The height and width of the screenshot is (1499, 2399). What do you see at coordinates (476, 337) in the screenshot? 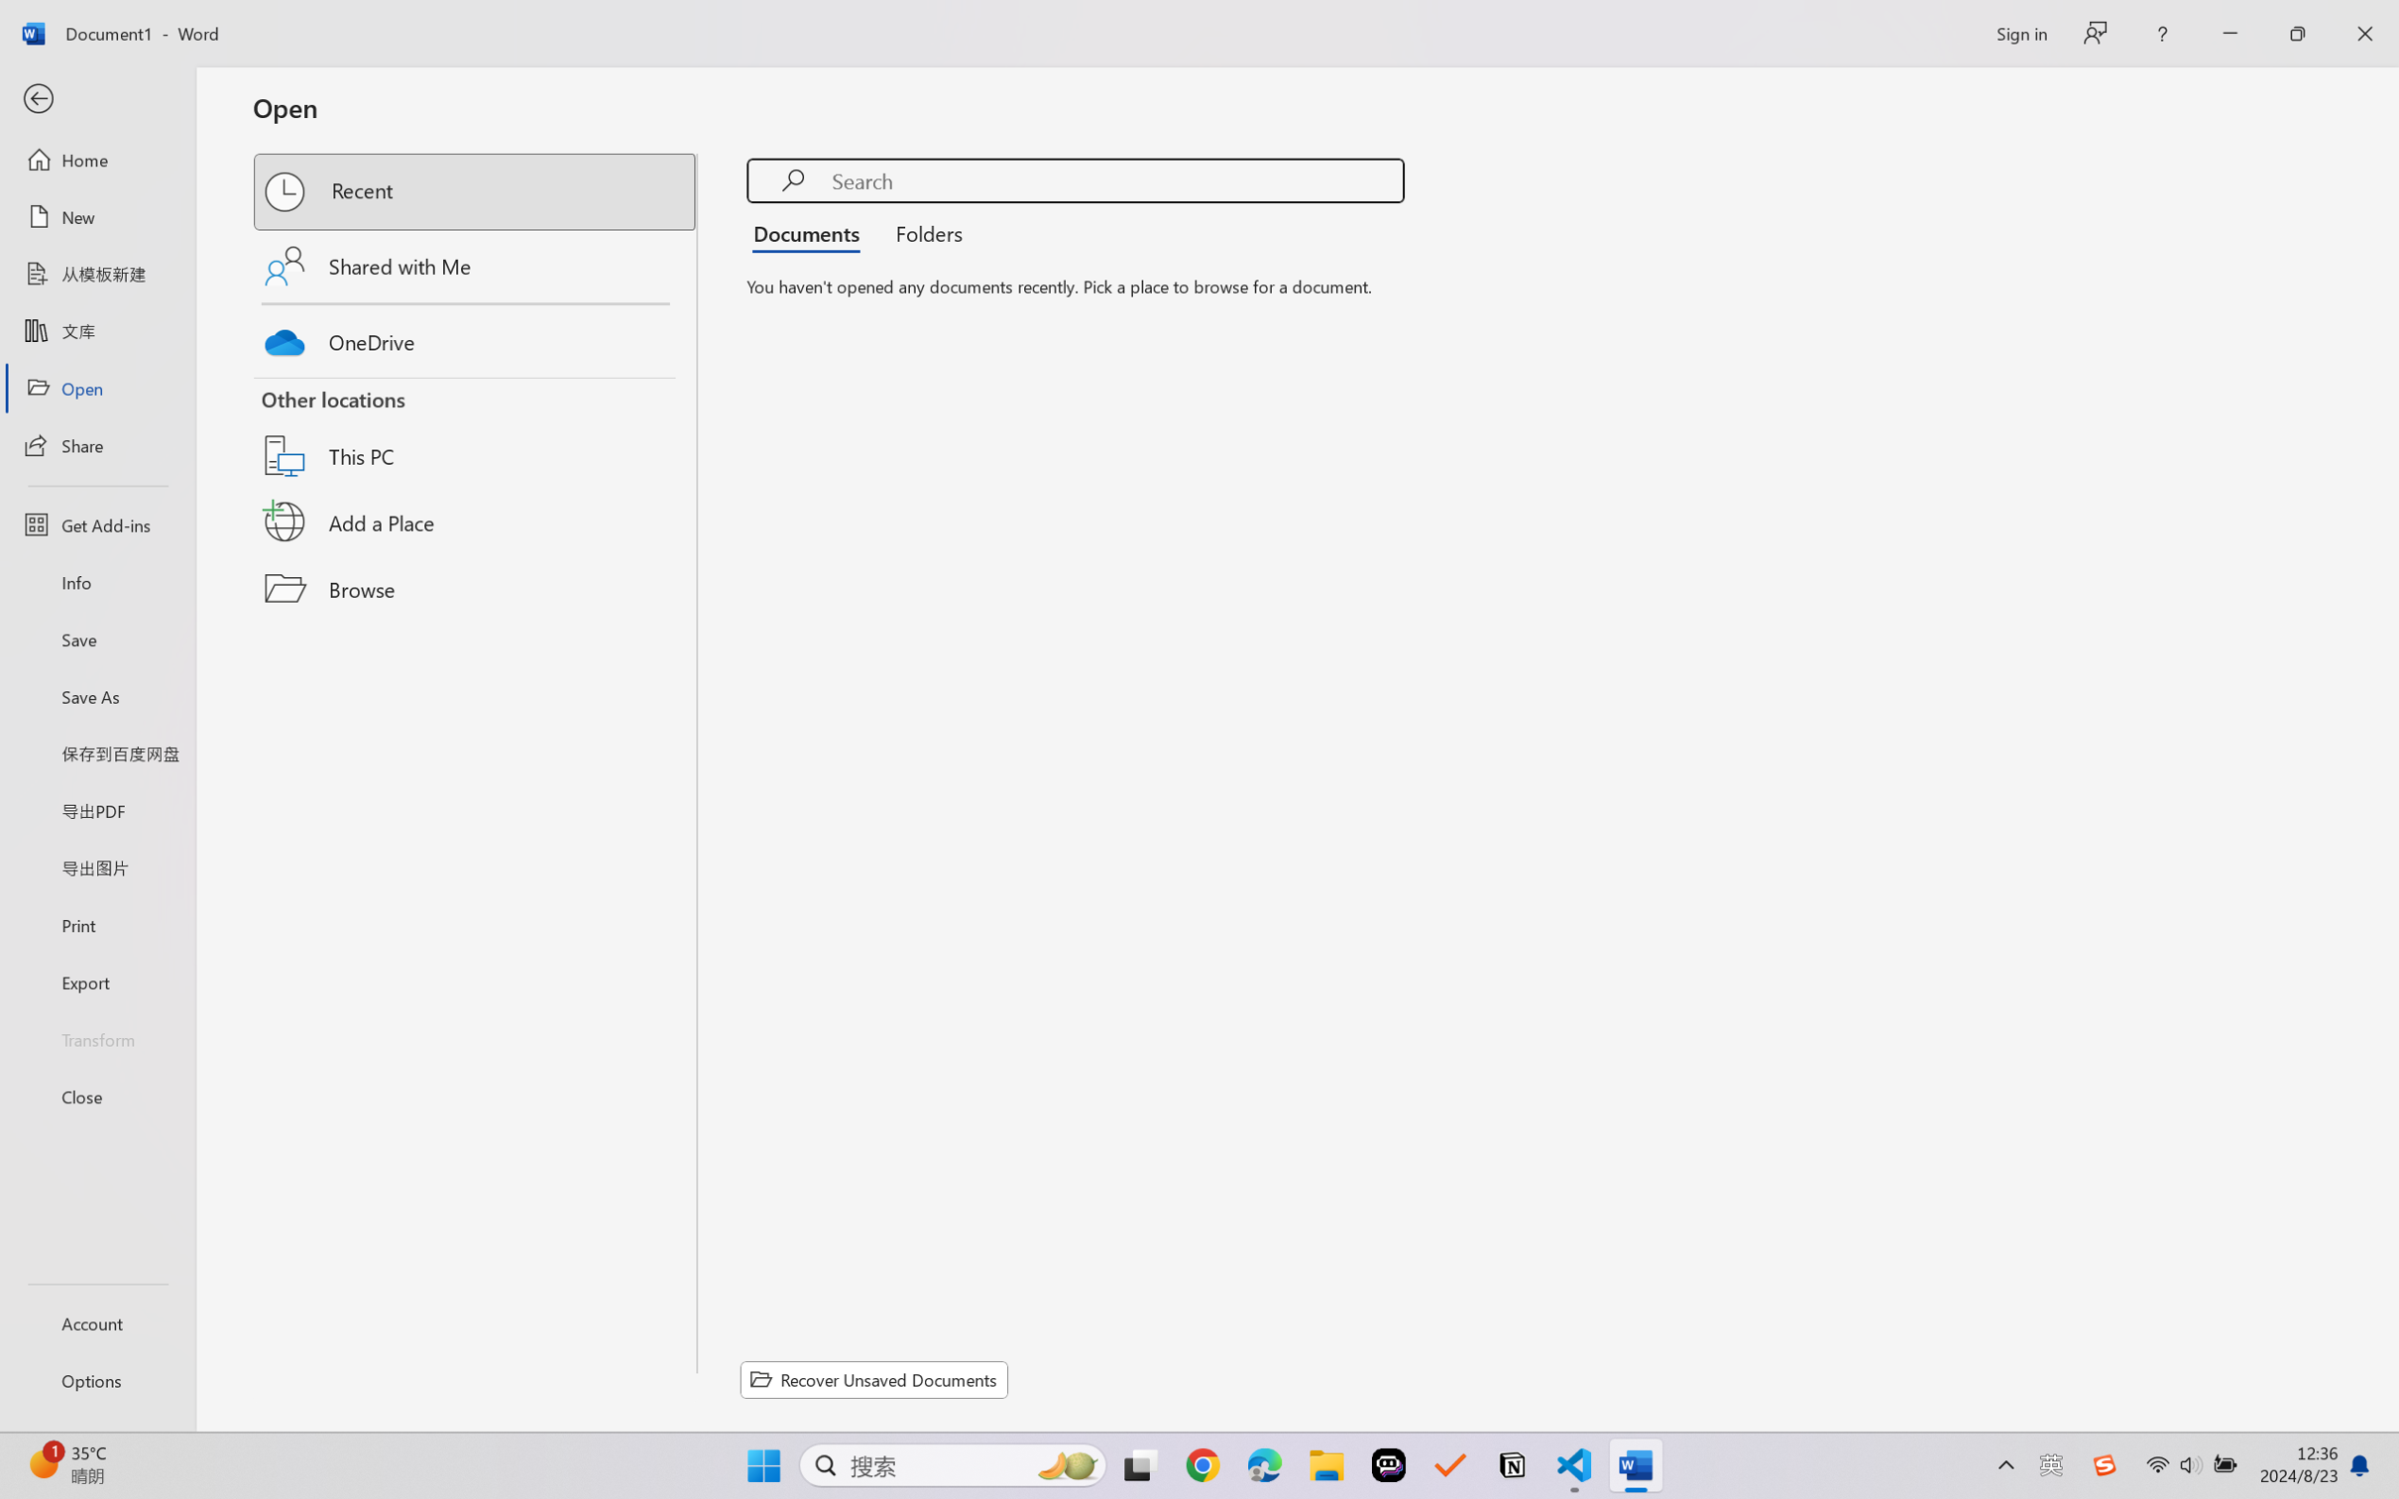
I see `'OneDrive'` at bounding box center [476, 337].